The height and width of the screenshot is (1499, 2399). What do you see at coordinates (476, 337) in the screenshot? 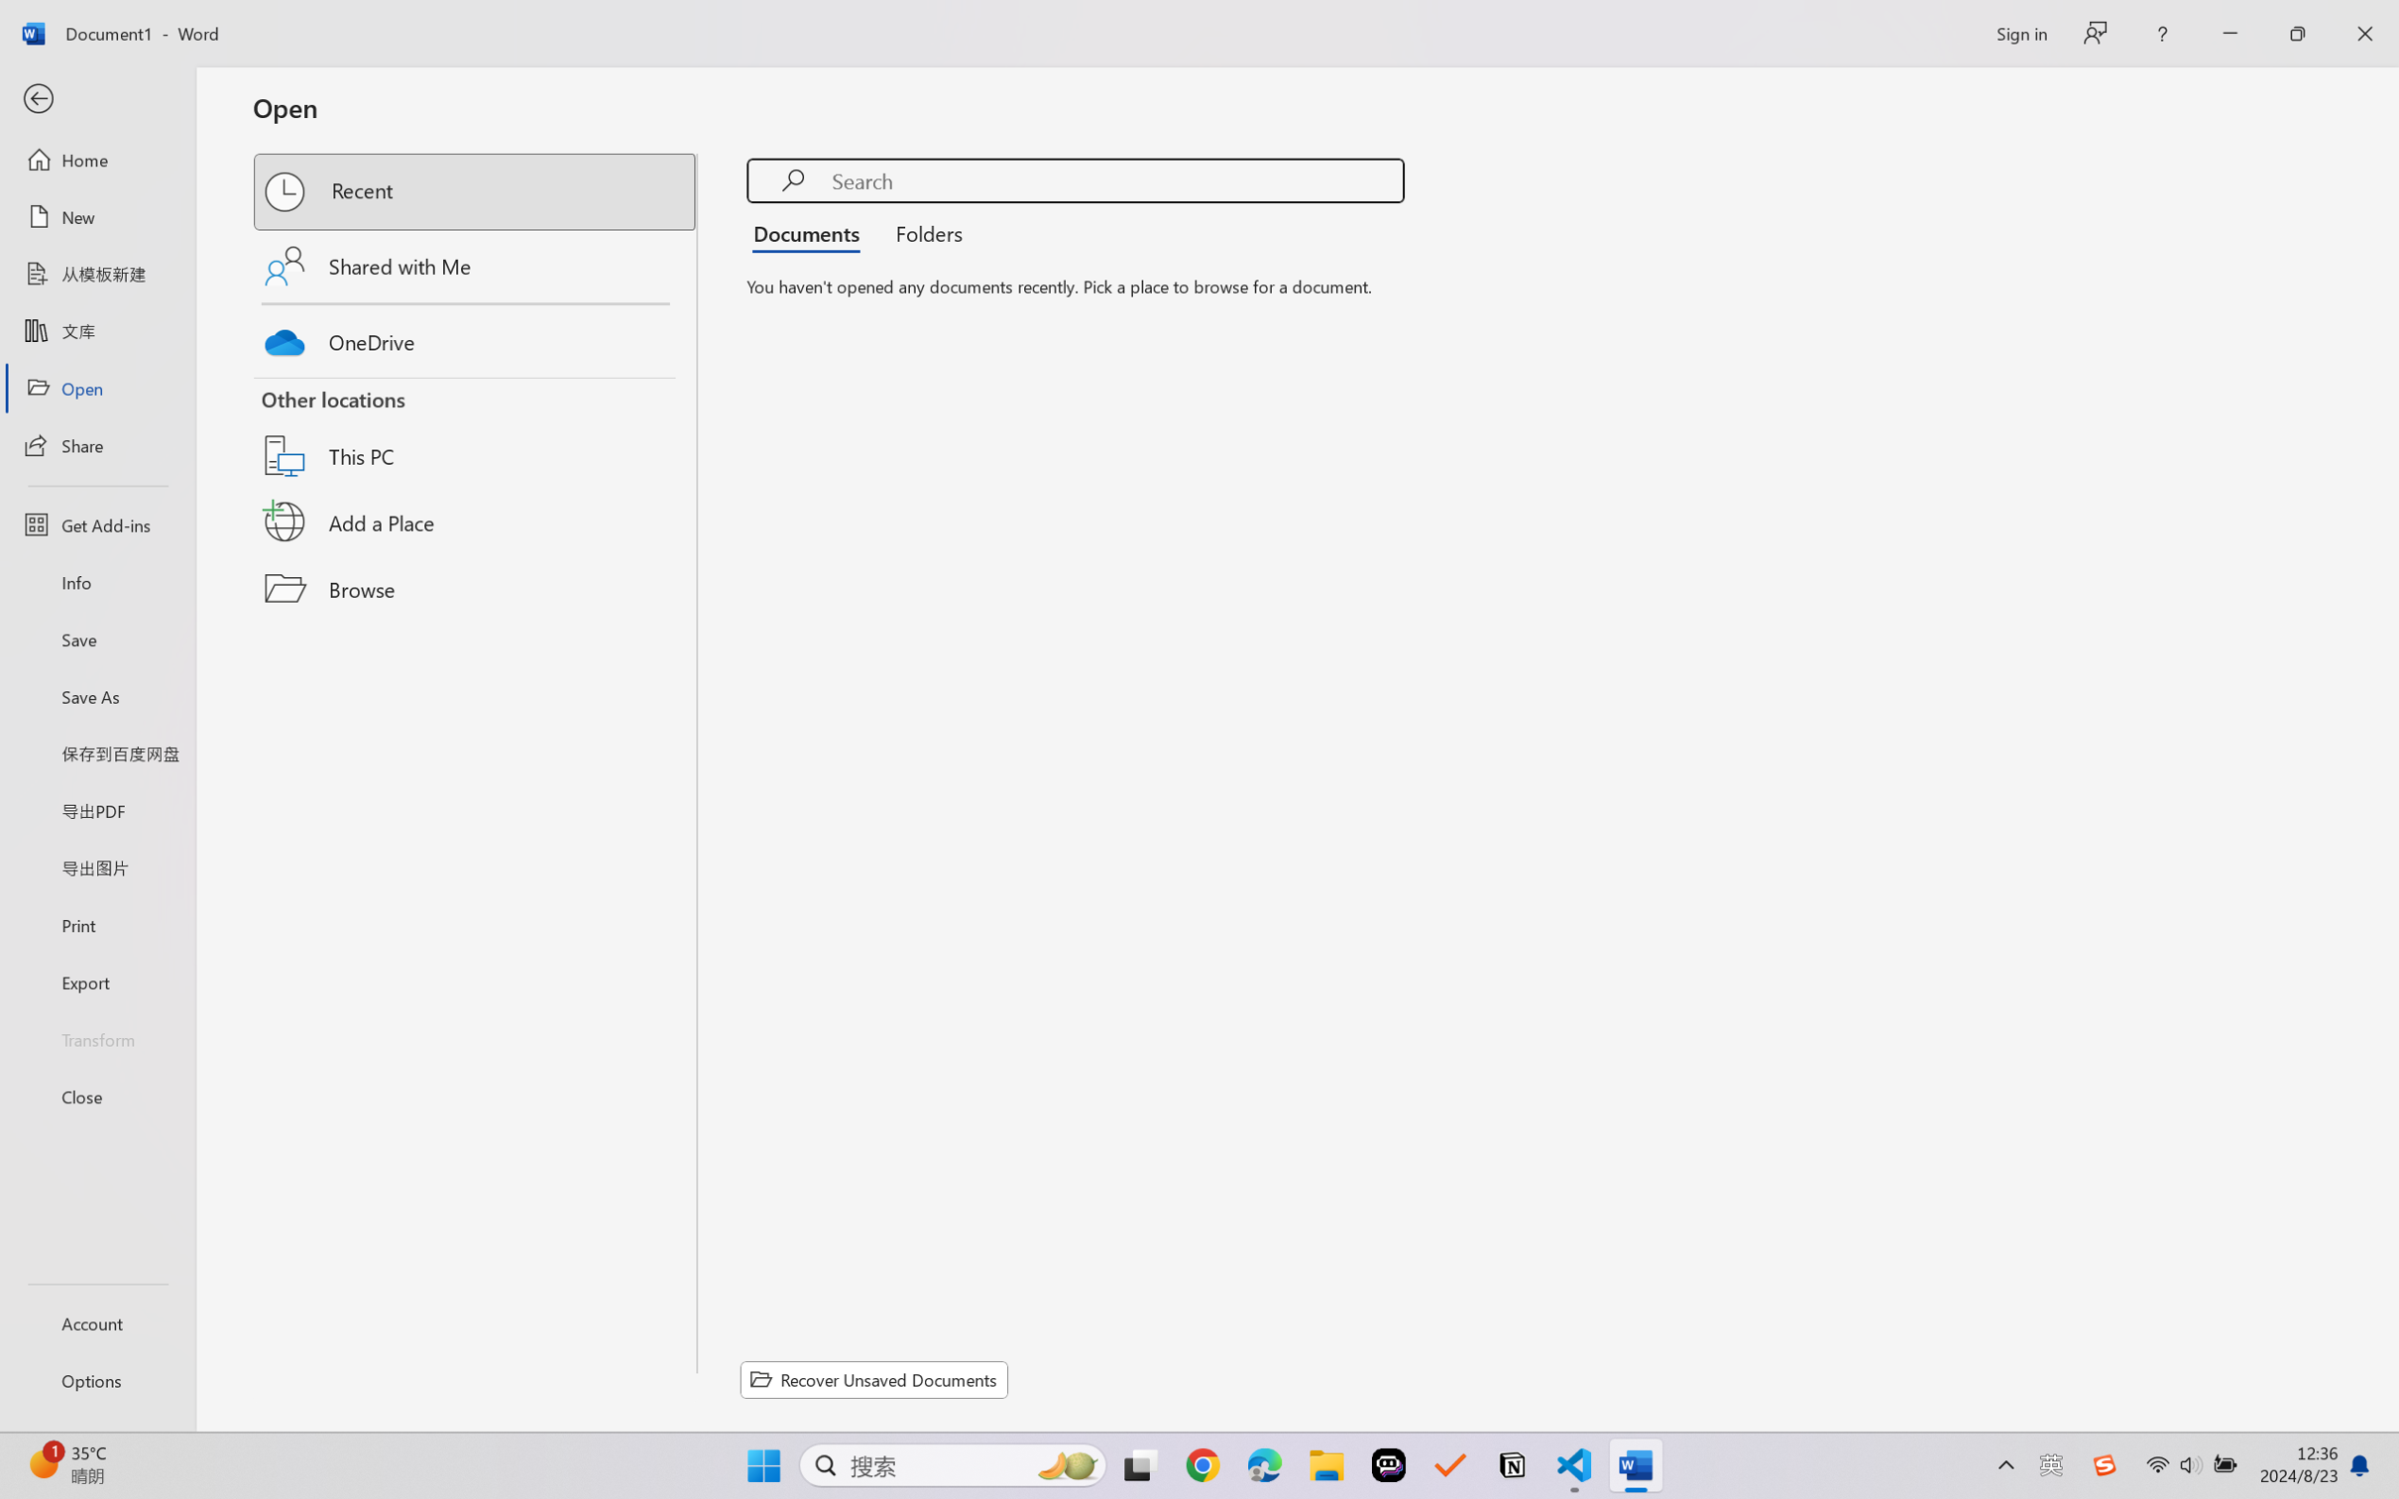
I see `'OneDrive'` at bounding box center [476, 337].